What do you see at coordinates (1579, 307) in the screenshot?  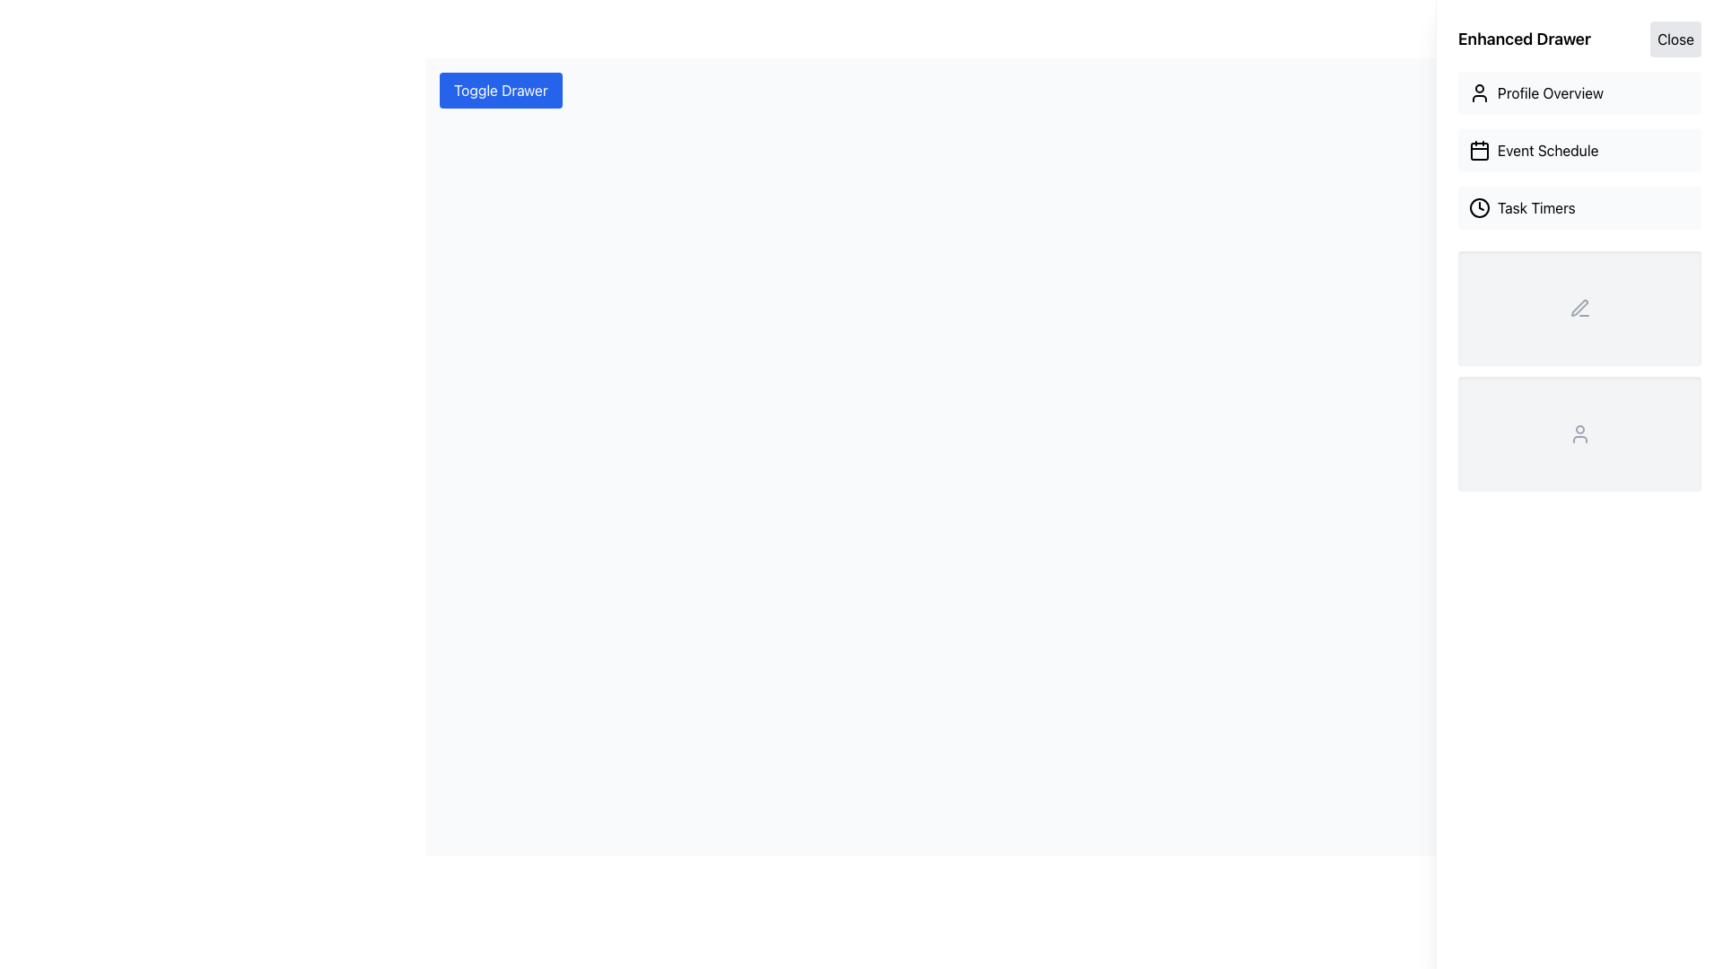 I see `the first rectangular block in the right-hand sidebar that contains a pen icon, which symbolizes edit actions` at bounding box center [1579, 307].